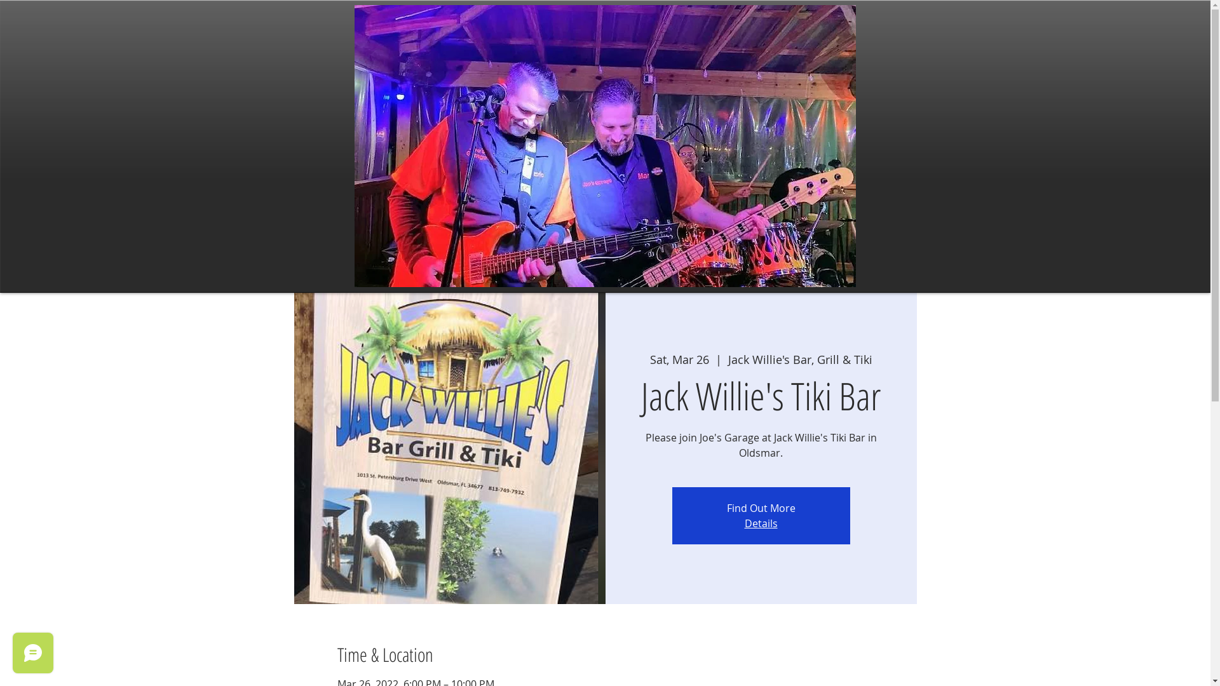 The image size is (1220, 686). Describe the element at coordinates (761, 523) in the screenshot. I see `'Details'` at that location.